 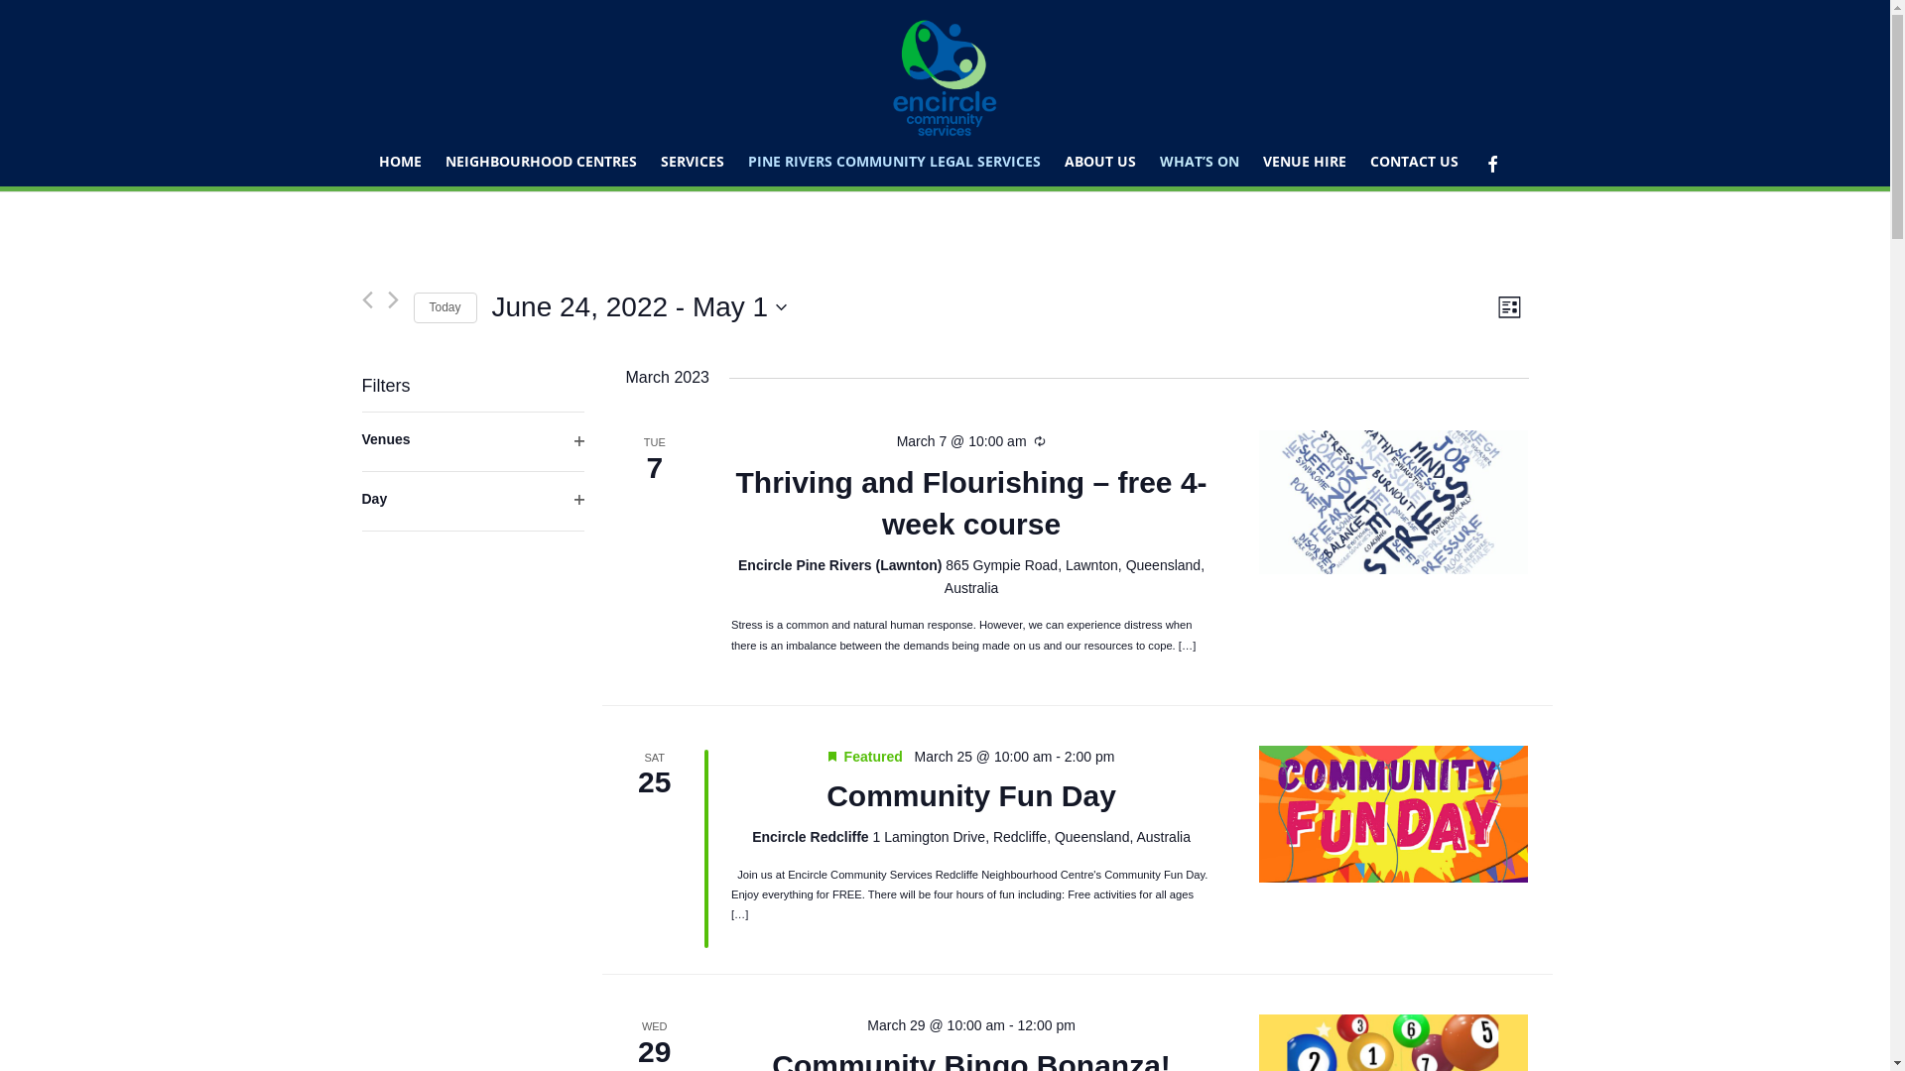 I want to click on 'ABOUT US', so click(x=1098, y=160).